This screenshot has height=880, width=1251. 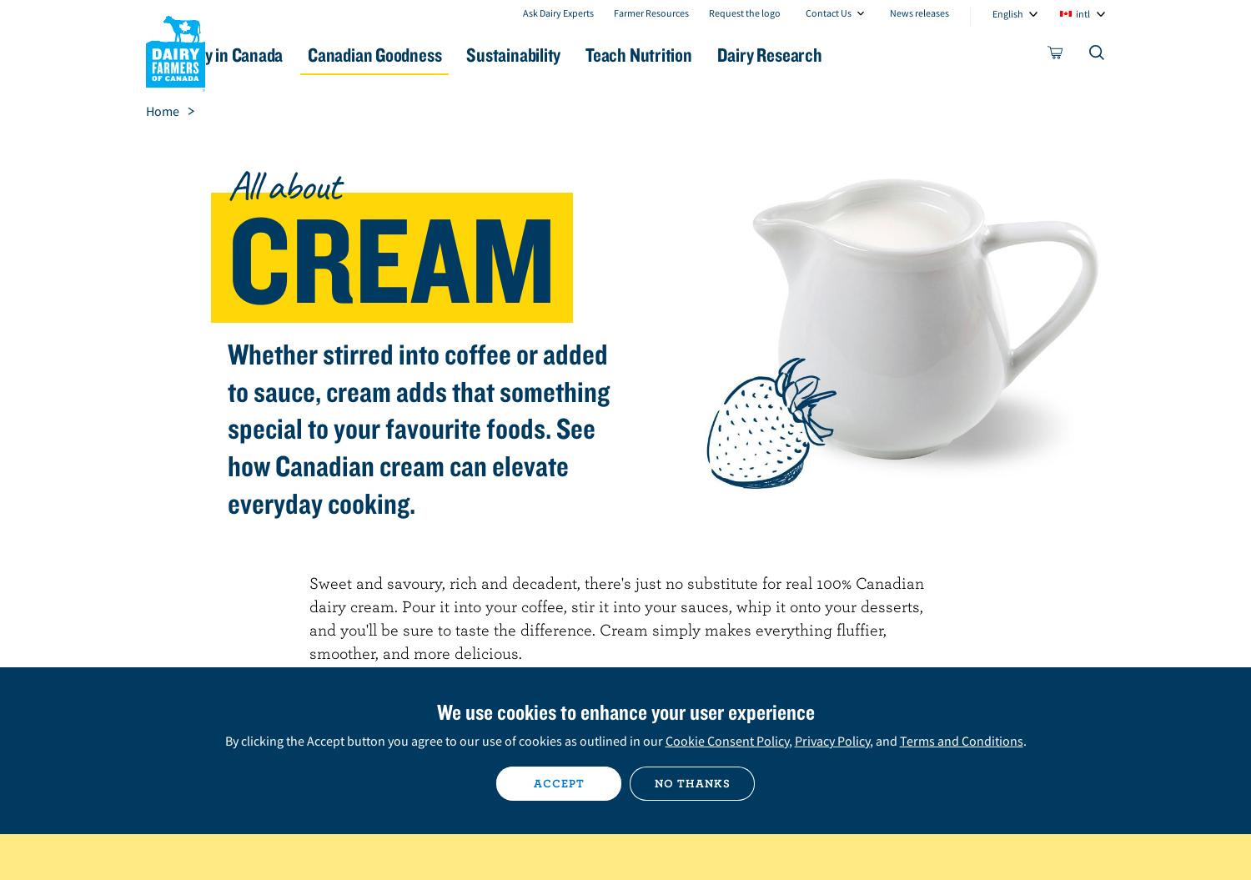 What do you see at coordinates (691, 782) in the screenshot?
I see `'No thanks'` at bounding box center [691, 782].